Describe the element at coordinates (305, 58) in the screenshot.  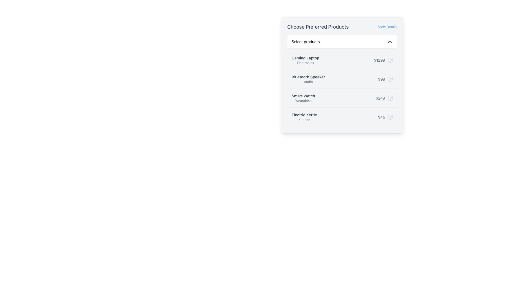
I see `the static text label displaying 'Gaming Laptop', which is styled in gray and located above the descriptive text 'Electronics'` at that location.